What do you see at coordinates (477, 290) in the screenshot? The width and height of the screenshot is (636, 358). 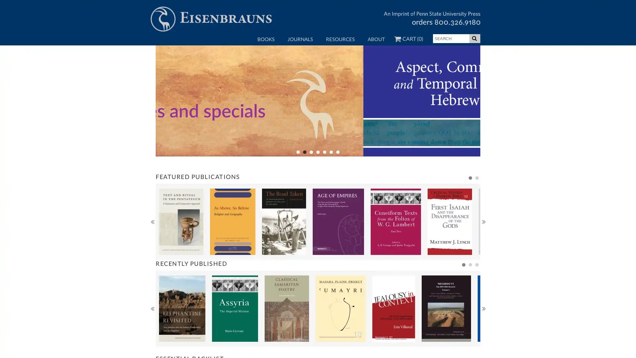 I see `3` at bounding box center [477, 290].